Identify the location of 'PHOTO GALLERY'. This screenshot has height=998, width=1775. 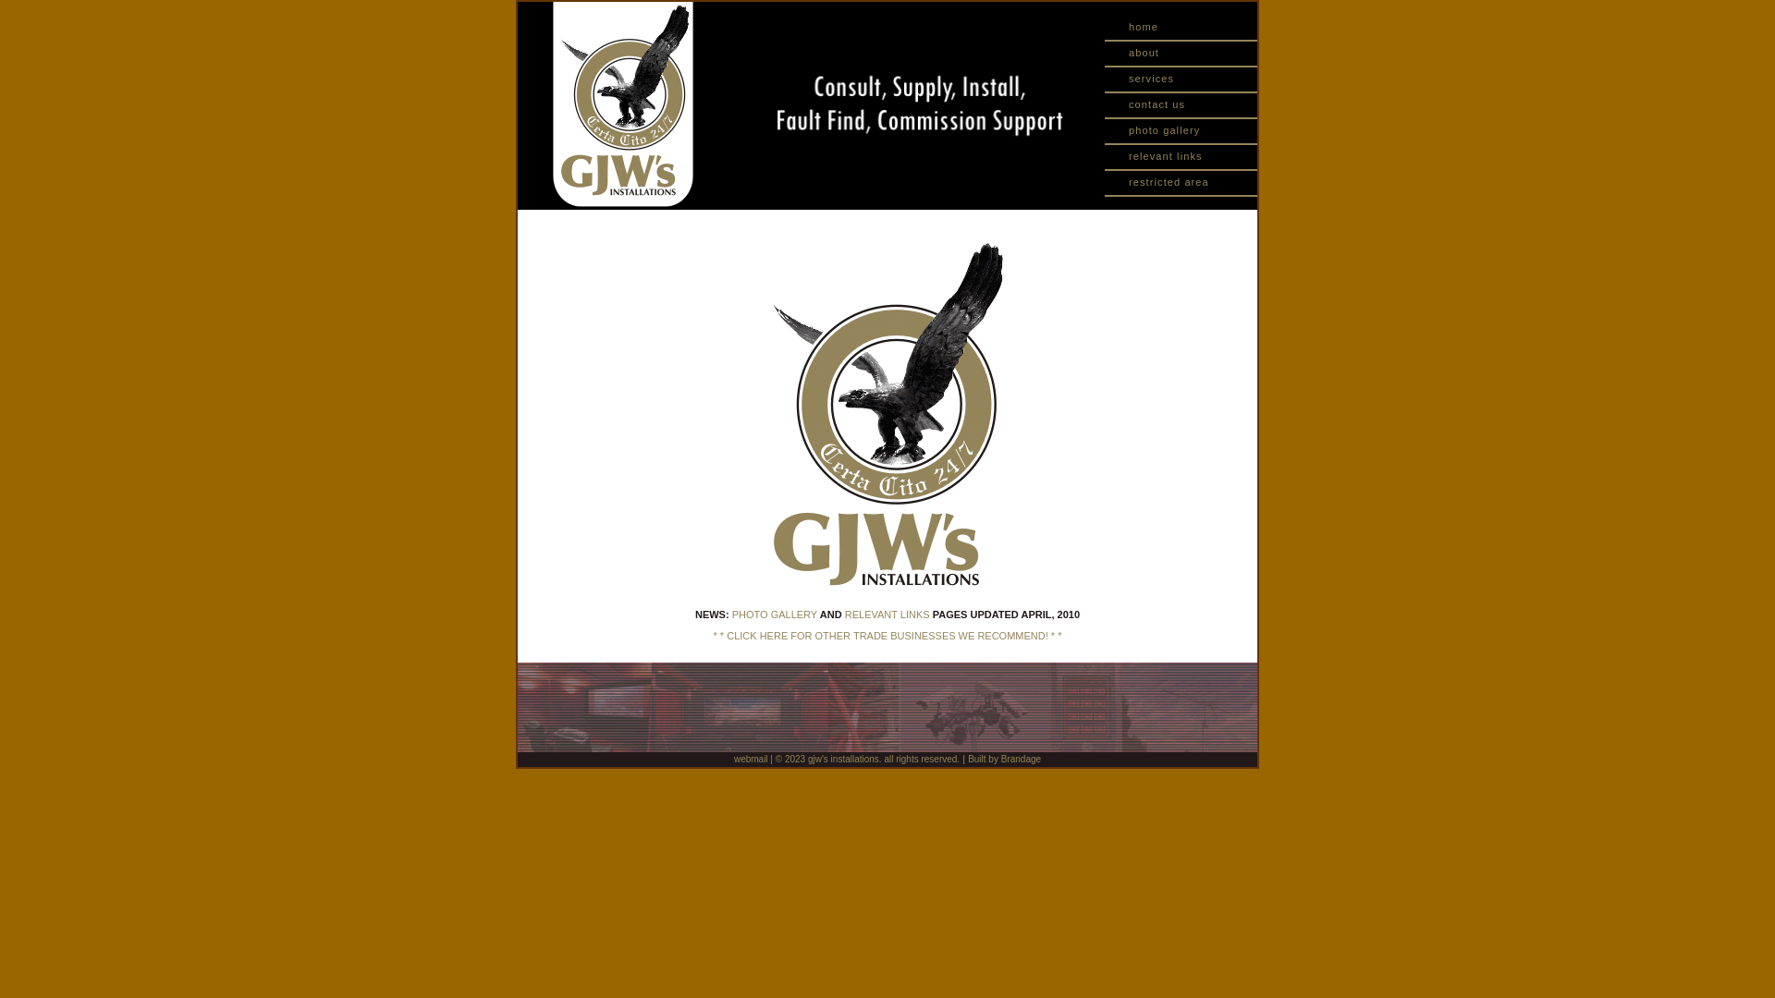
(731, 614).